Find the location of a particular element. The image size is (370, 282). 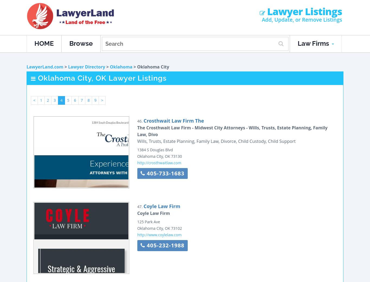

'Add, Update, or Remove Listings' is located at coordinates (301, 19).